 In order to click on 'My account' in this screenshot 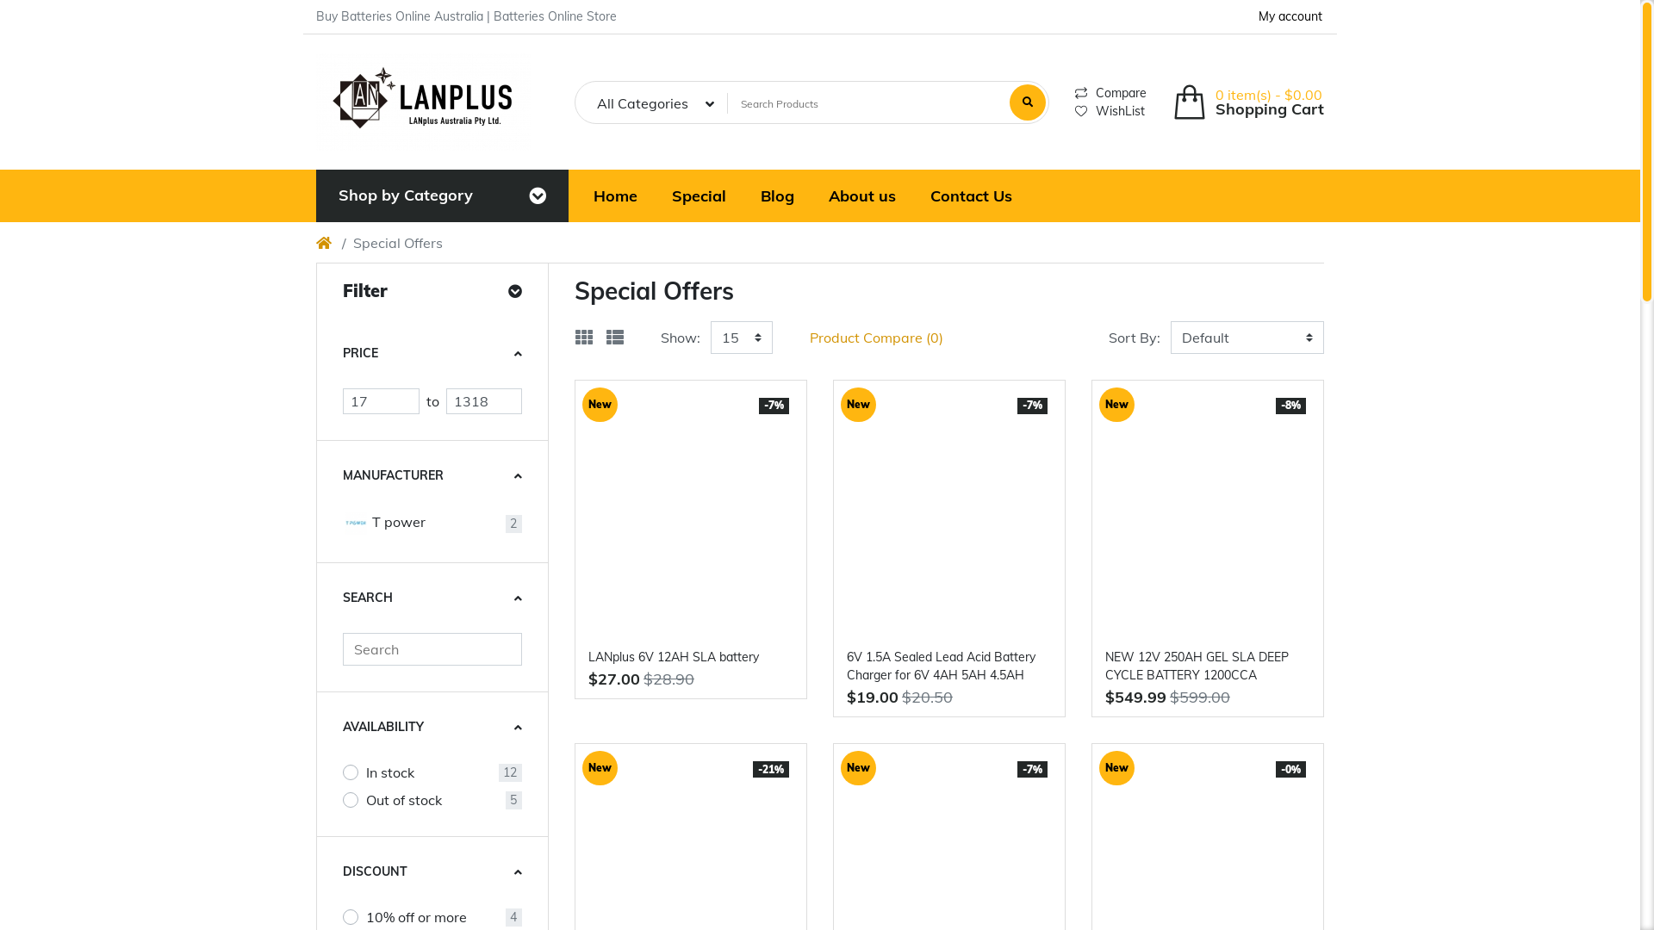, I will do `click(1290, 16)`.